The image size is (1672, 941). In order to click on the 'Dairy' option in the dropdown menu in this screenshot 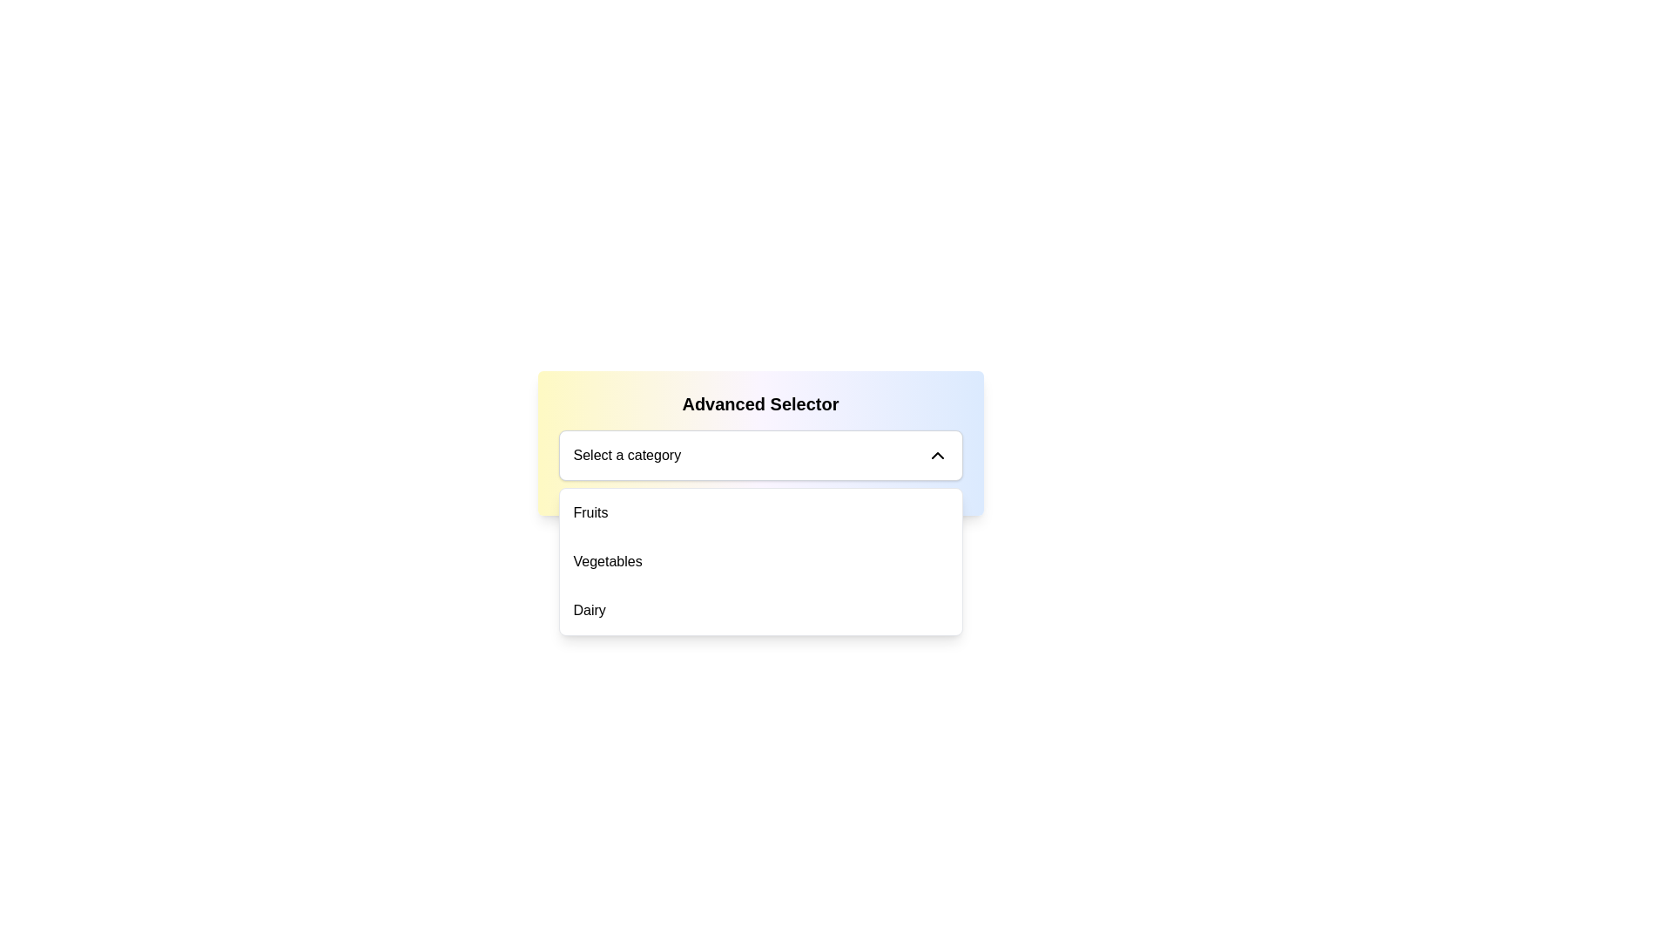, I will do `click(760, 610)`.